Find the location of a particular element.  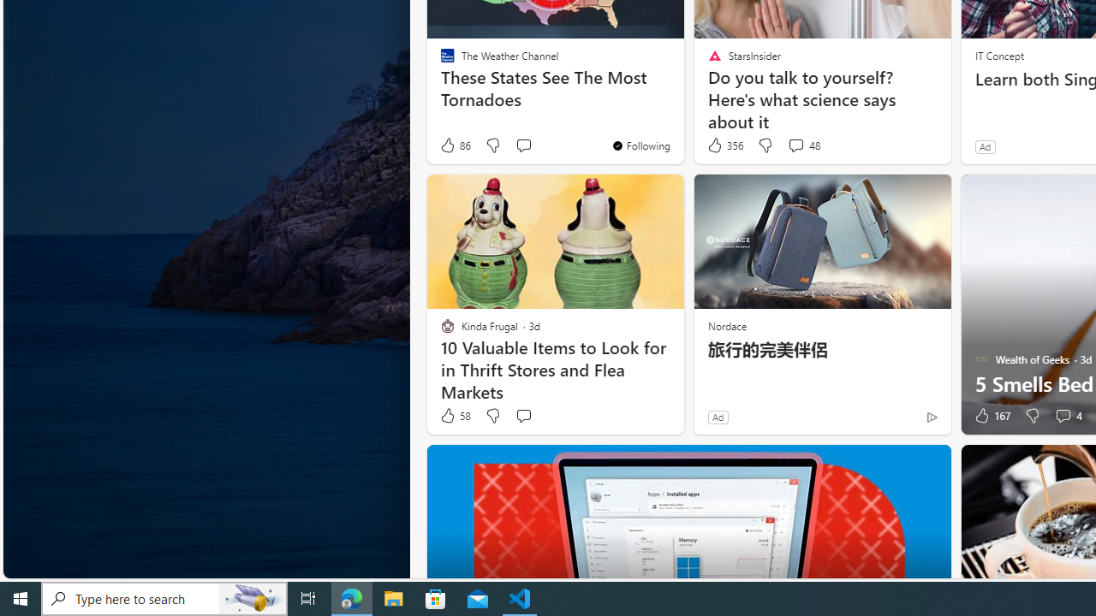

'167 Like' is located at coordinates (991, 416).